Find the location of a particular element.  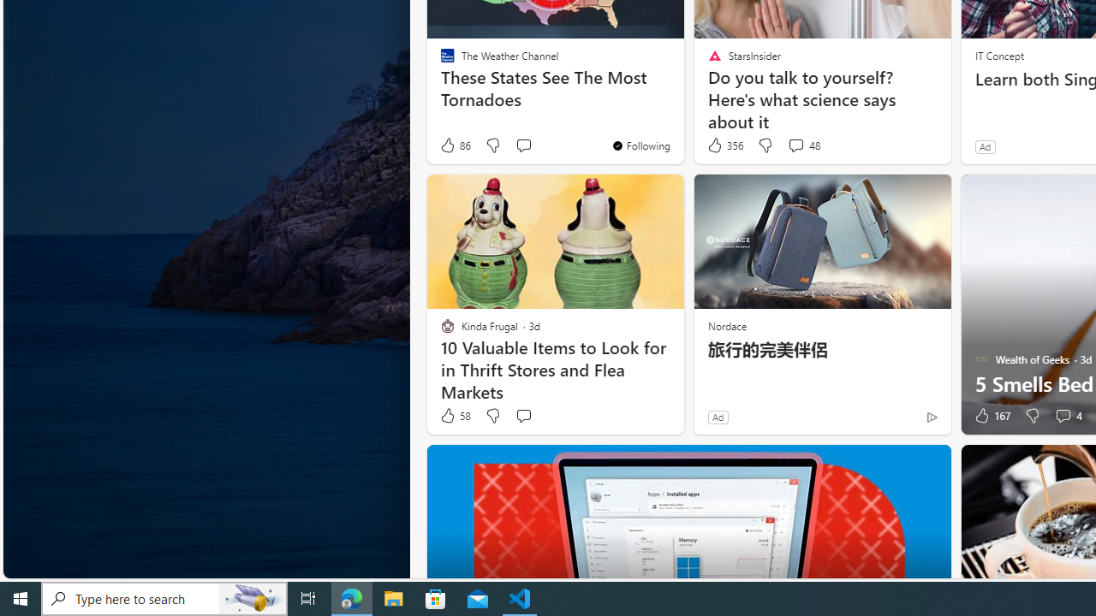

'167 Like' is located at coordinates (991, 416).